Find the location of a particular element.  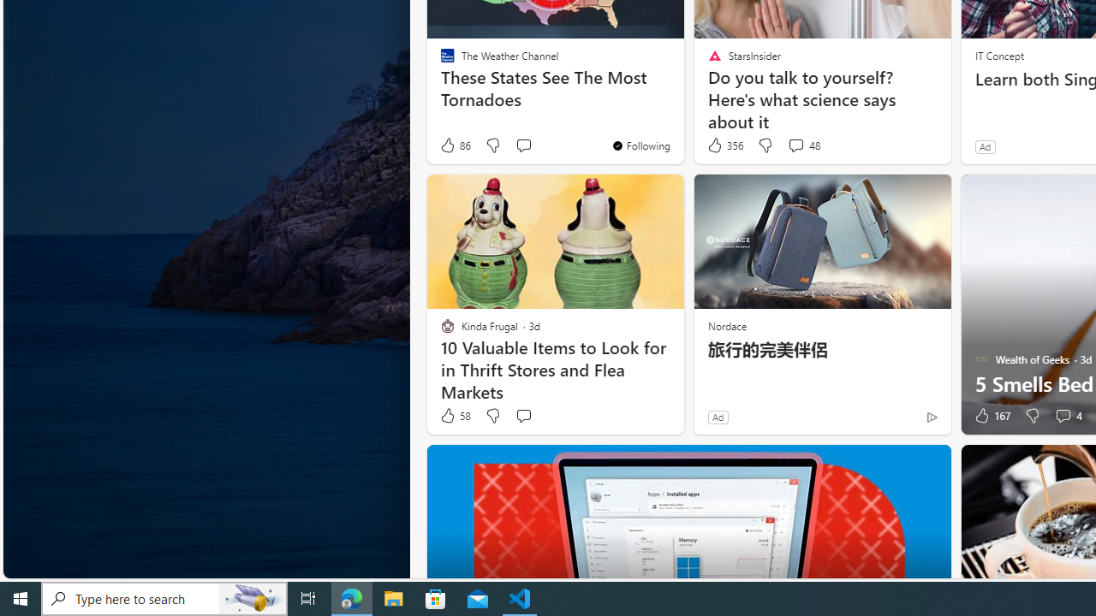

'167 Like' is located at coordinates (991, 416).